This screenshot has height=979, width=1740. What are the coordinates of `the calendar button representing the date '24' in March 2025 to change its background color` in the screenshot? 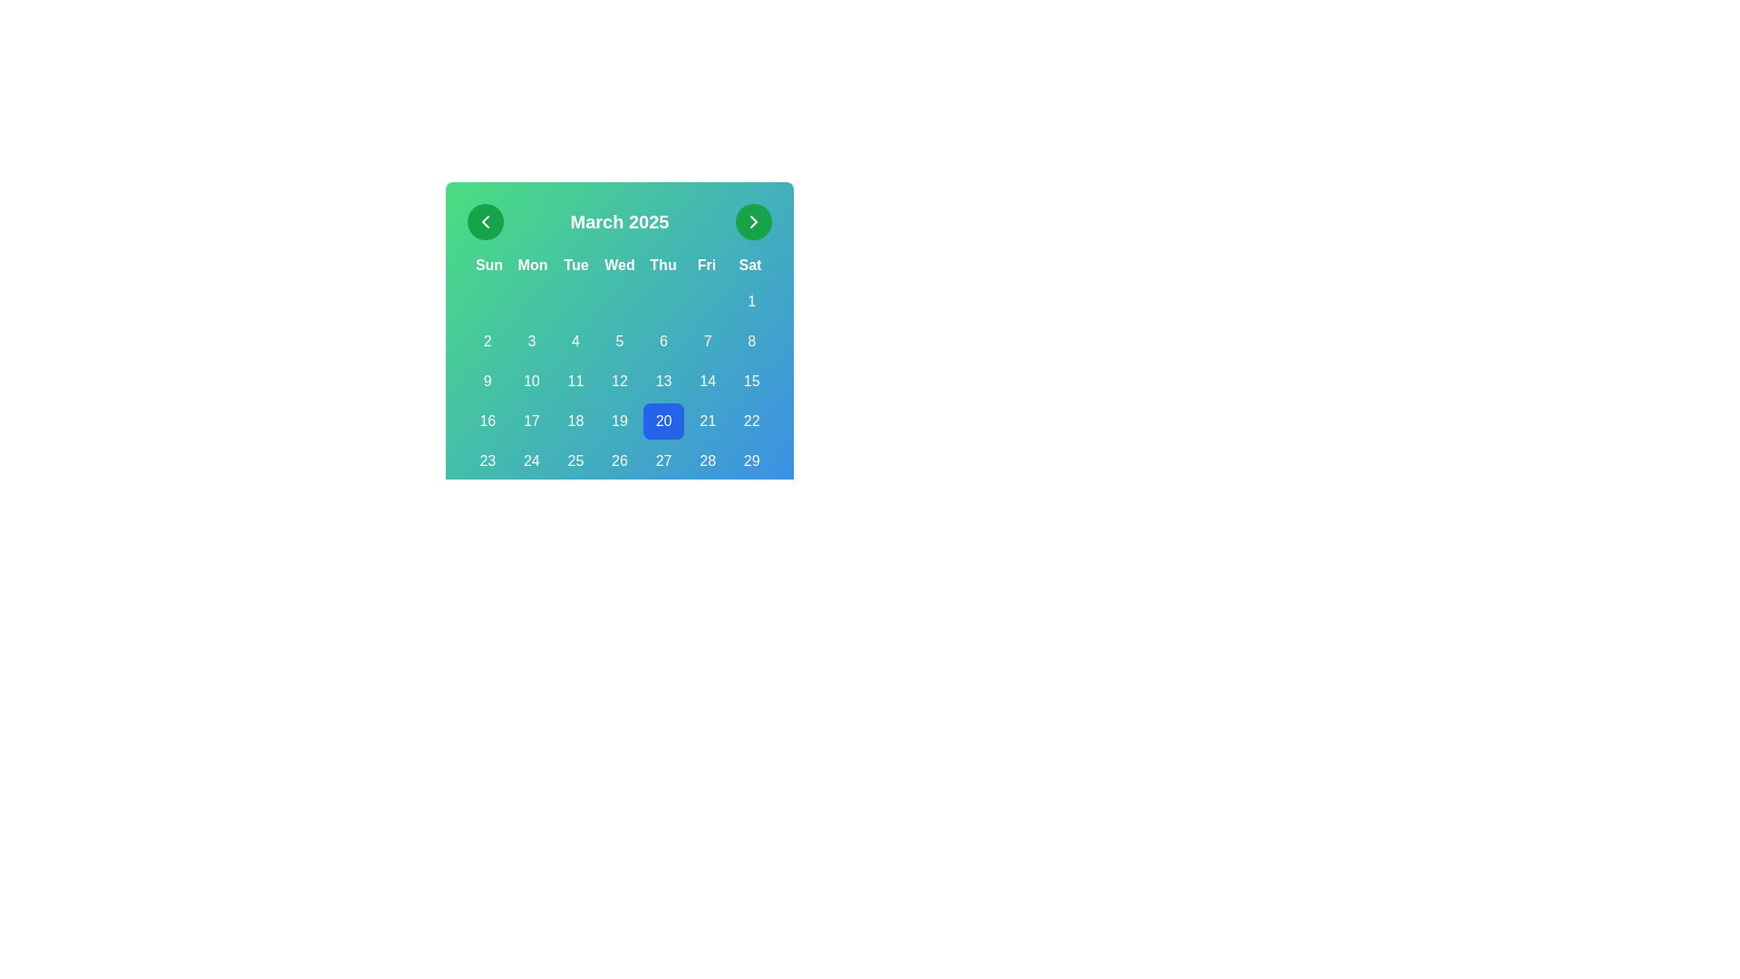 It's located at (530, 460).